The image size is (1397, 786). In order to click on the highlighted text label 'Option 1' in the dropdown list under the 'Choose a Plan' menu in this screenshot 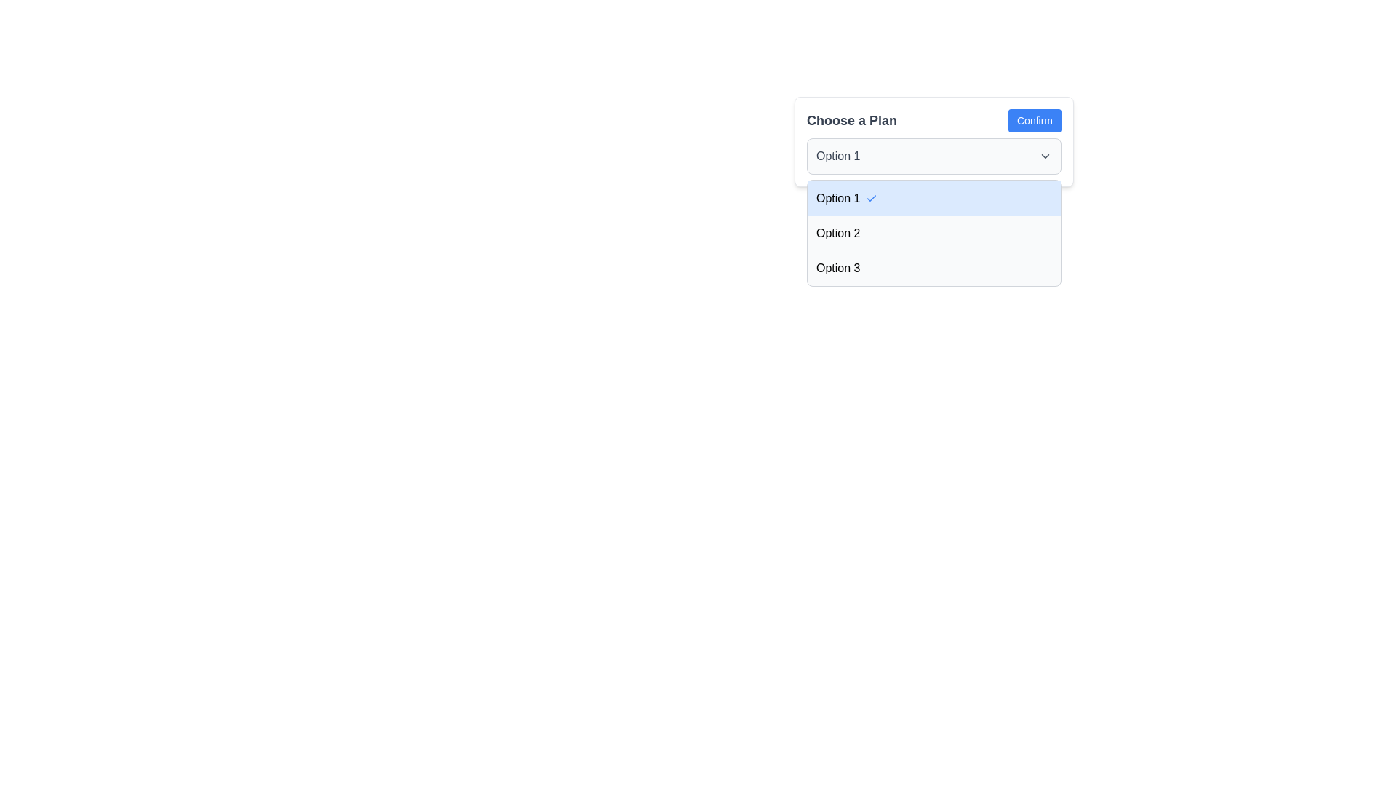, I will do `click(838, 199)`.